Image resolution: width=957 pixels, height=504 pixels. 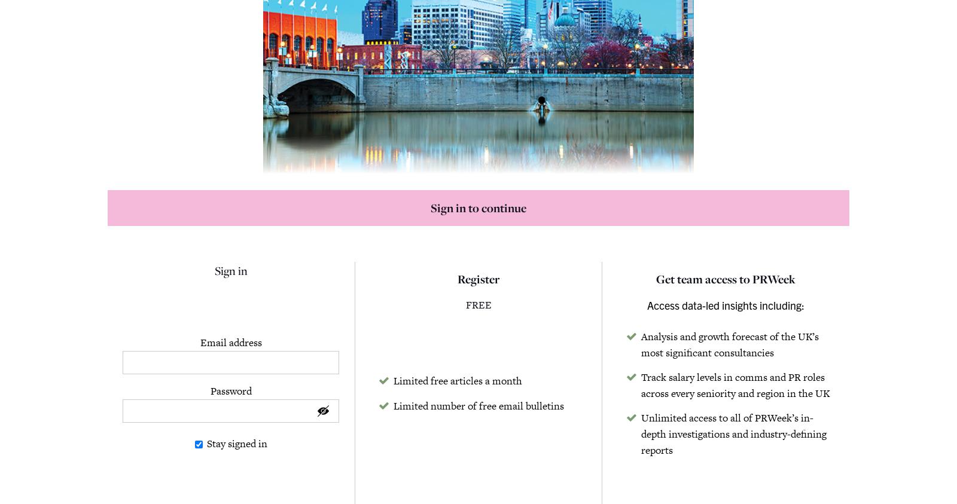 What do you see at coordinates (729, 343) in the screenshot?
I see `'Analysis and growth forecast of the UK’s most significant consultancies'` at bounding box center [729, 343].